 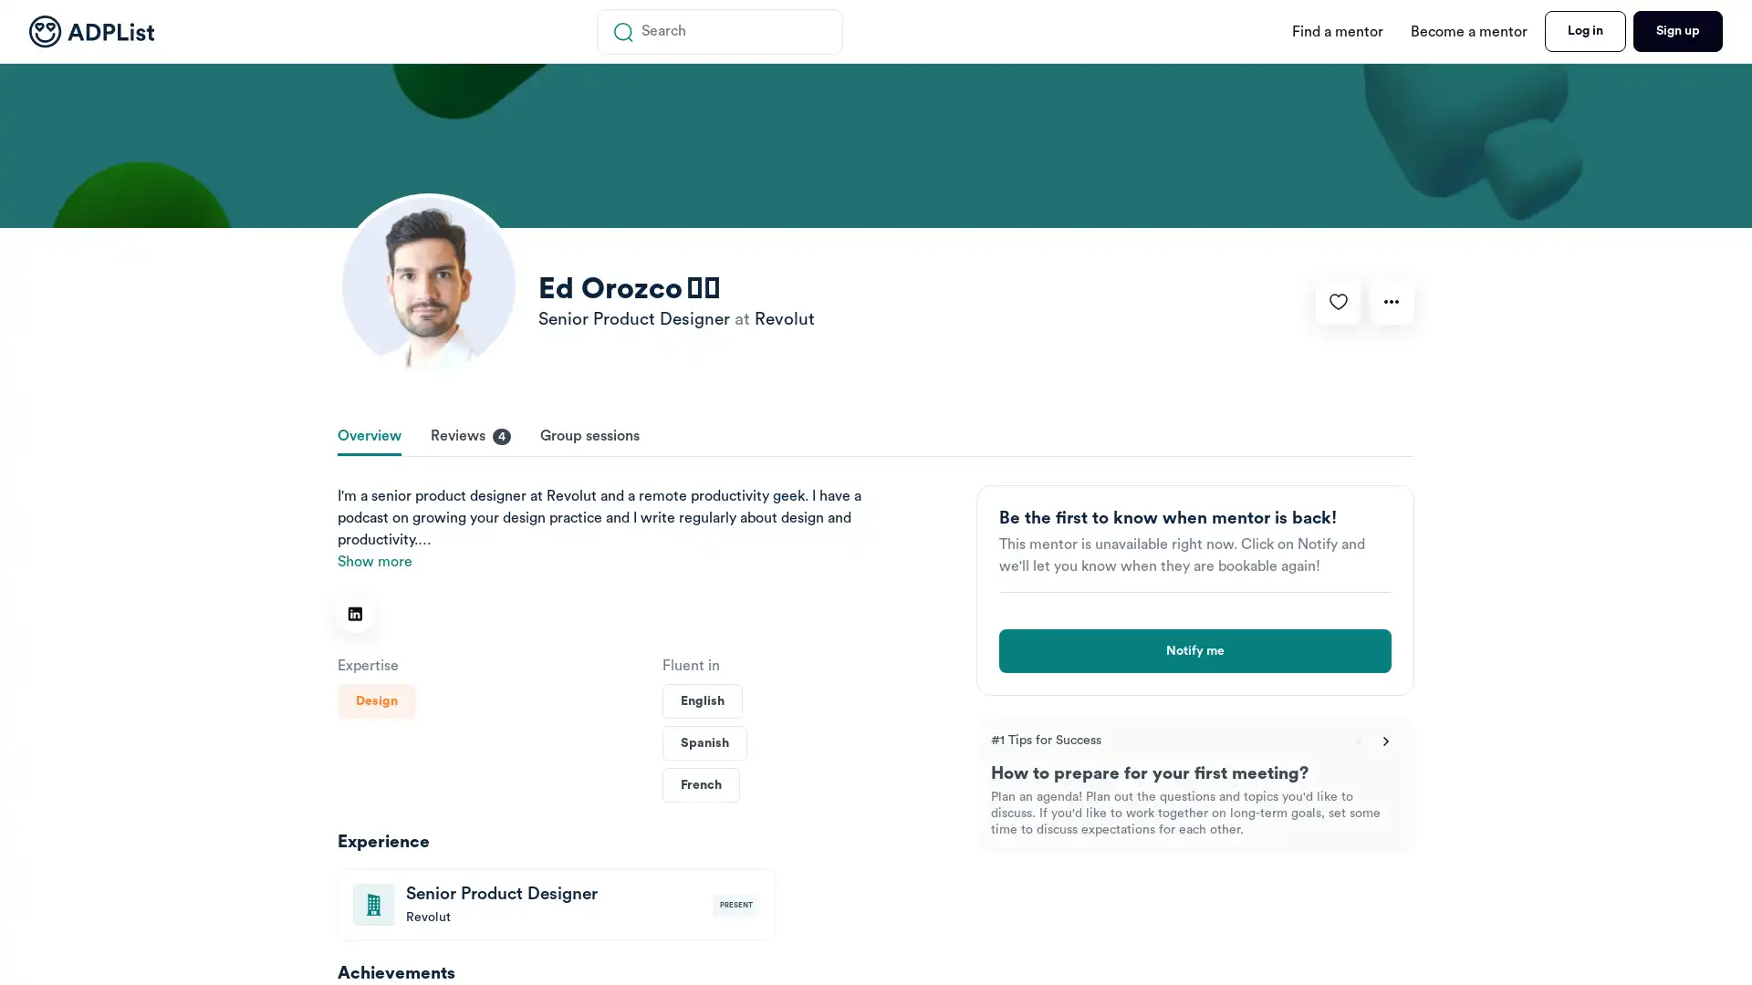 What do you see at coordinates (1677, 31) in the screenshot?
I see `Sign up` at bounding box center [1677, 31].